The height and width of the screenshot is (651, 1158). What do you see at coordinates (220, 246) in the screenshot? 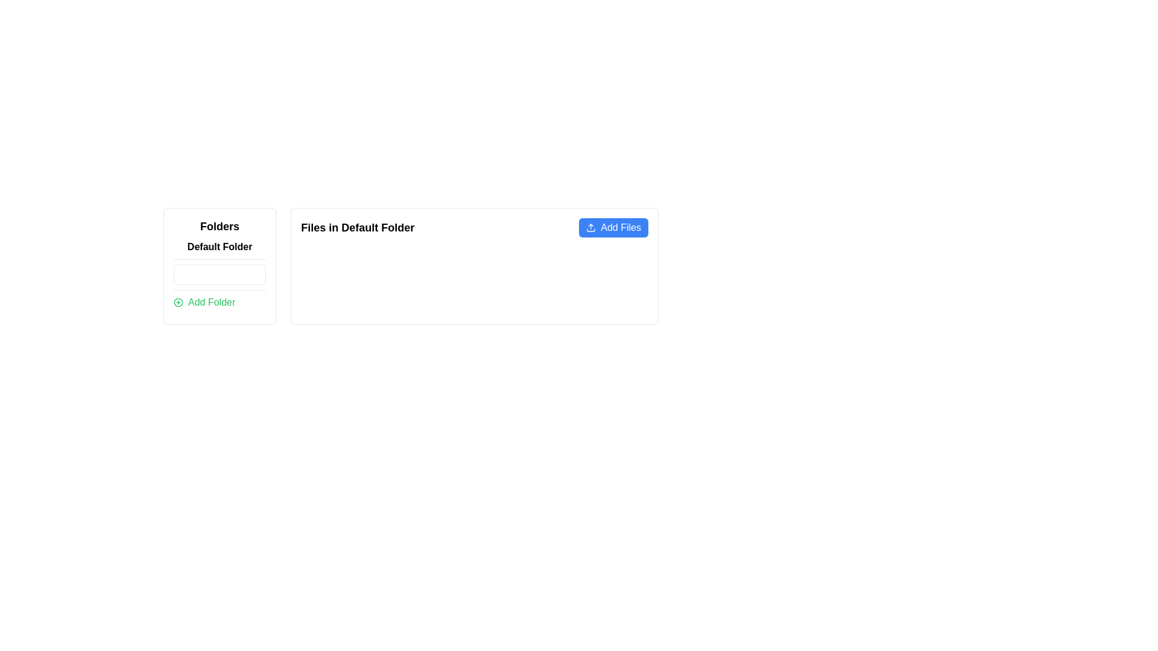
I see `the text label that identifies the 'Default Folder', which is the first item in the list of folder options` at bounding box center [220, 246].